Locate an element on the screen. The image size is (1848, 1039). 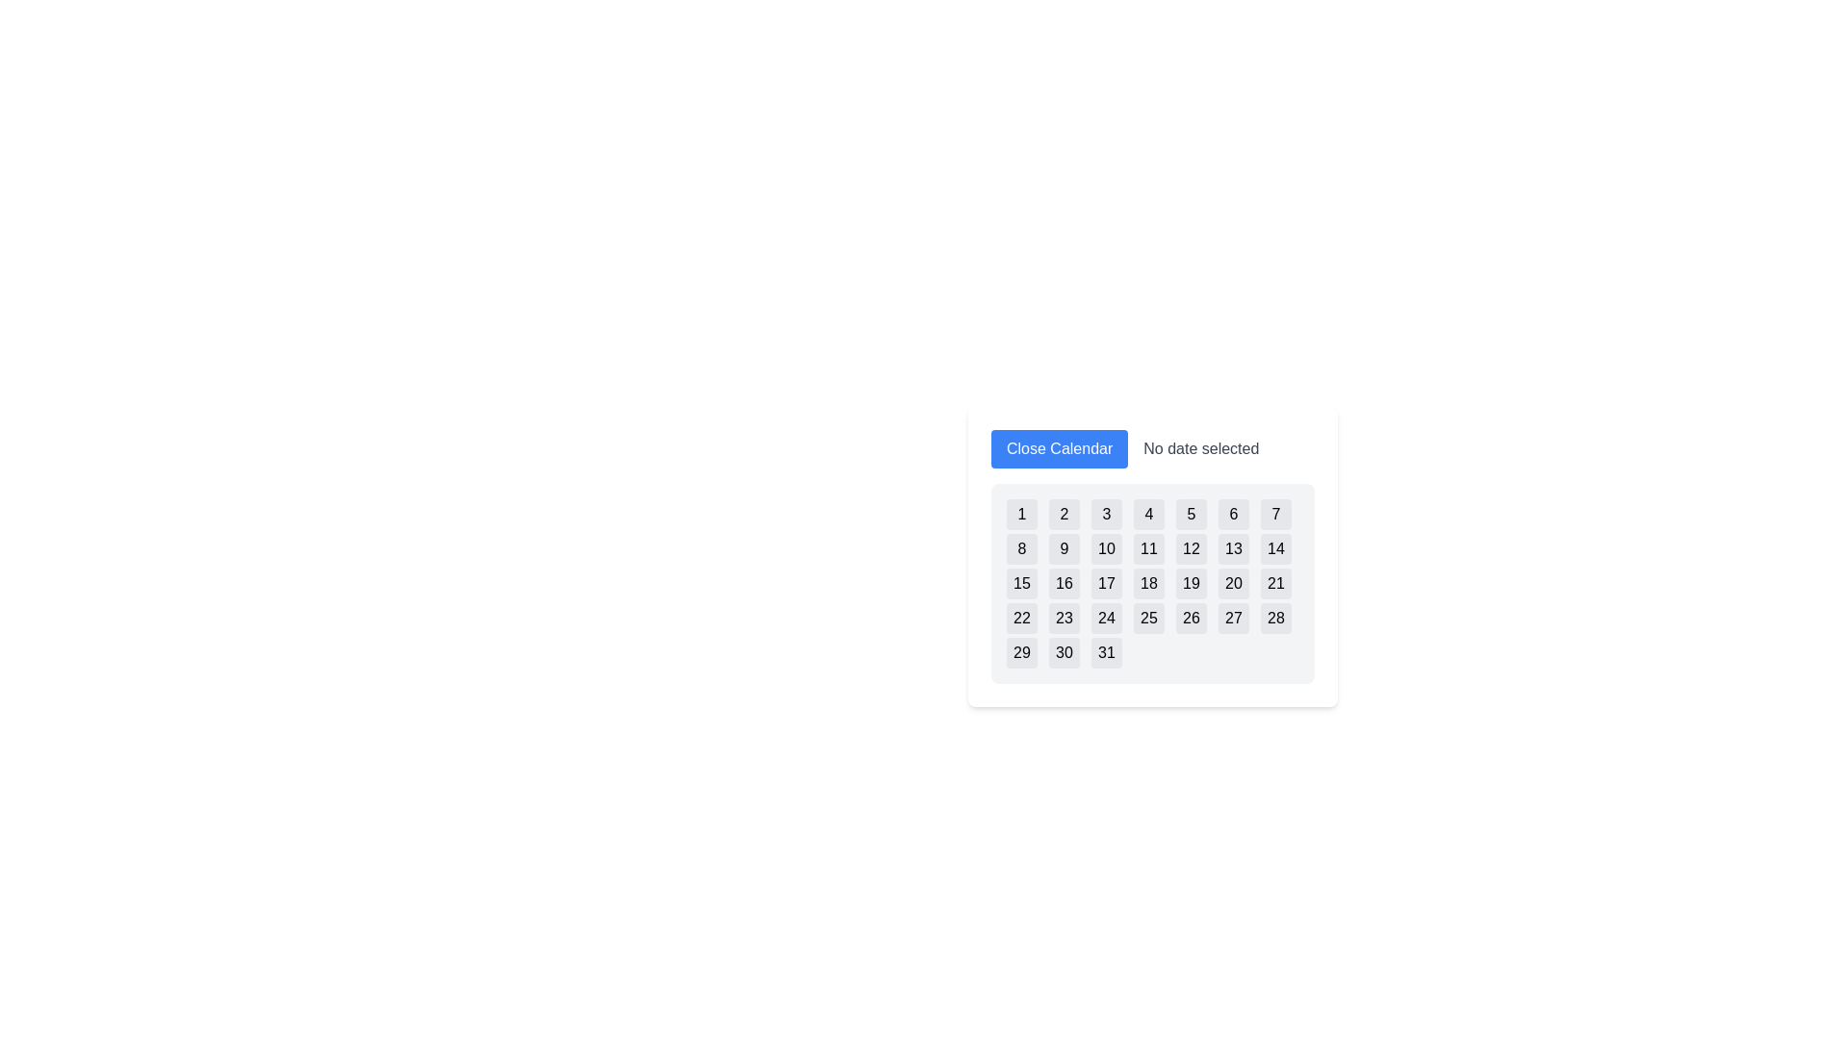
the square button with rounded corners displaying the number '14' in dark text, located in the lower-right portion of a 7x5 grid layout is located at coordinates (1275, 548).